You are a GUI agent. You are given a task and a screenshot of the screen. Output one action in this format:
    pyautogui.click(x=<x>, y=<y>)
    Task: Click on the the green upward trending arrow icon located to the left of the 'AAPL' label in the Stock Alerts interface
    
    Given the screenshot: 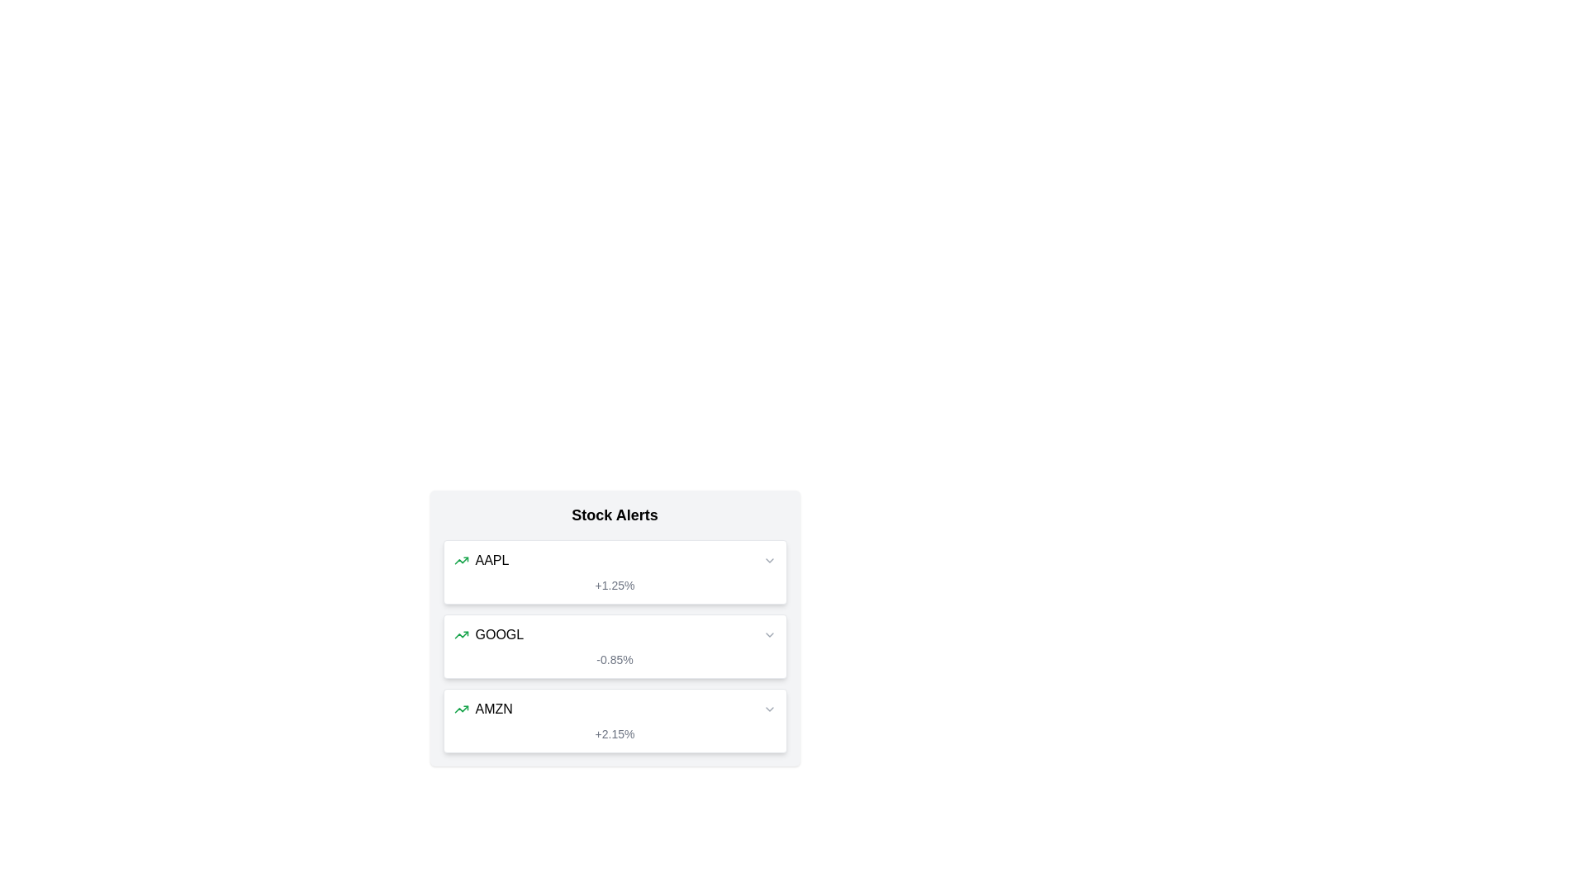 What is the action you would take?
    pyautogui.click(x=461, y=559)
    